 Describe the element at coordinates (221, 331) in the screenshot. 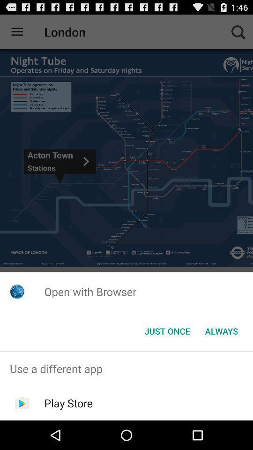

I see `item next to the just once button` at that location.